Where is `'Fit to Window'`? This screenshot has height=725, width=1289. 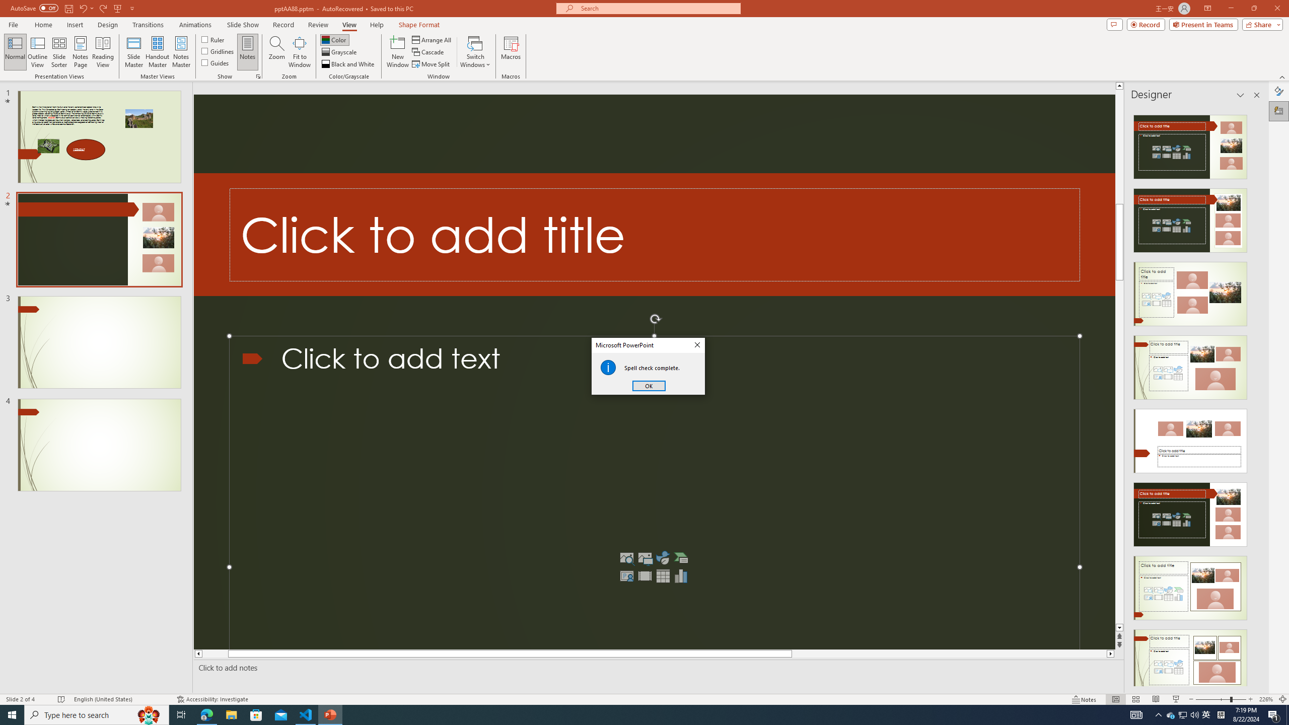 'Fit to Window' is located at coordinates (300, 52).